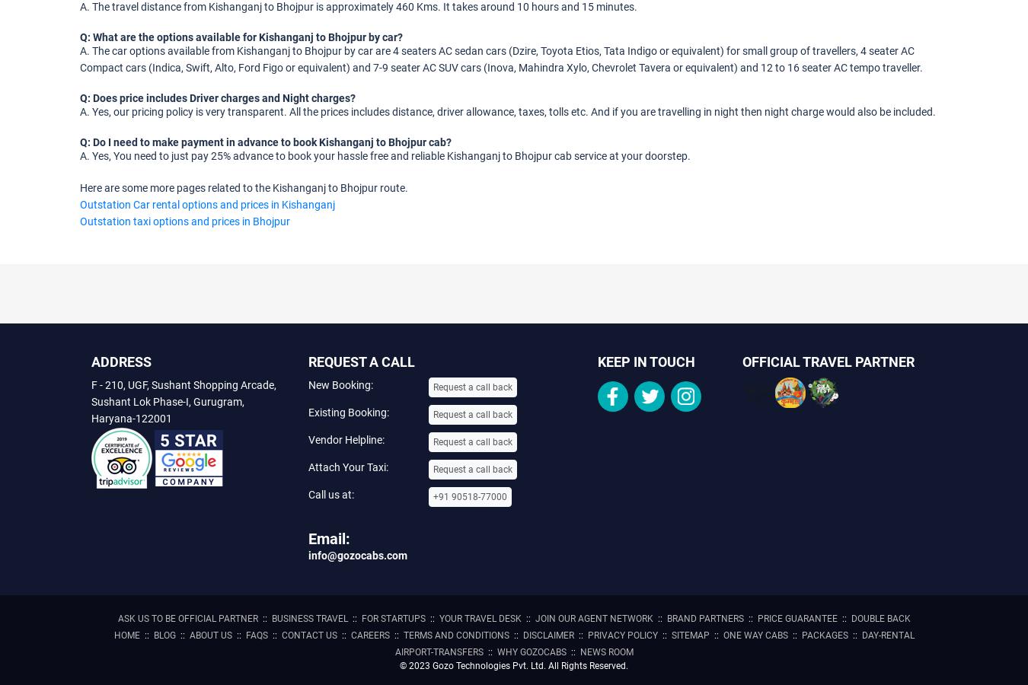 The height and width of the screenshot is (685, 1028). What do you see at coordinates (391, 617) in the screenshot?
I see `'For Startups'` at bounding box center [391, 617].